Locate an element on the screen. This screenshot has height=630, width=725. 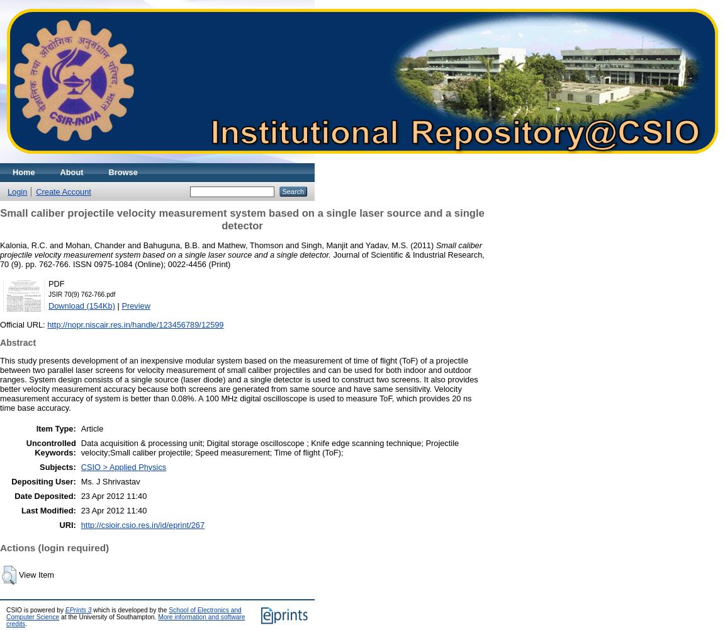
'http://csioir.csio.res.in/id/eprint/267' is located at coordinates (79, 524).